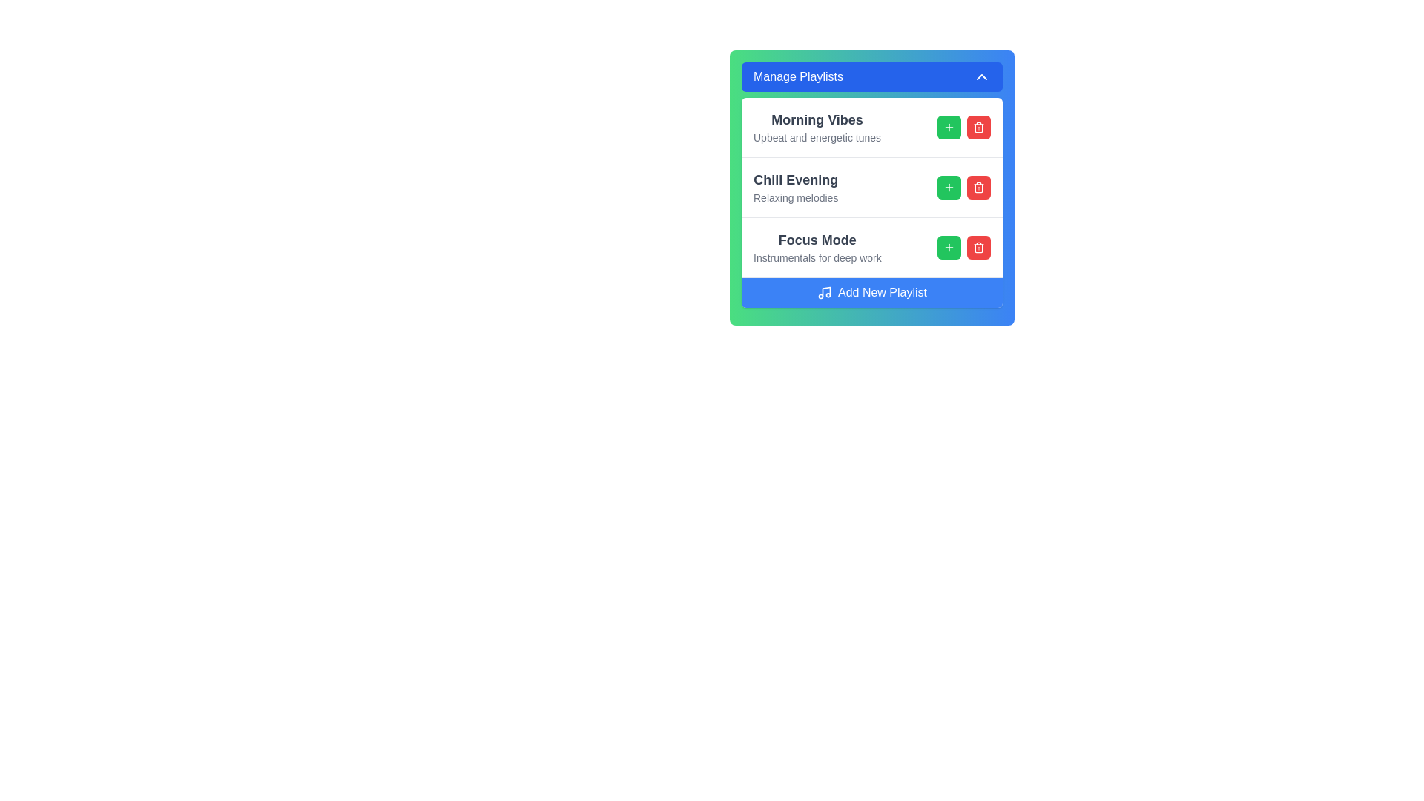 Image resolution: width=1424 pixels, height=801 pixels. Describe the element at coordinates (979, 187) in the screenshot. I see `the red square button with a trash can icon` at that location.